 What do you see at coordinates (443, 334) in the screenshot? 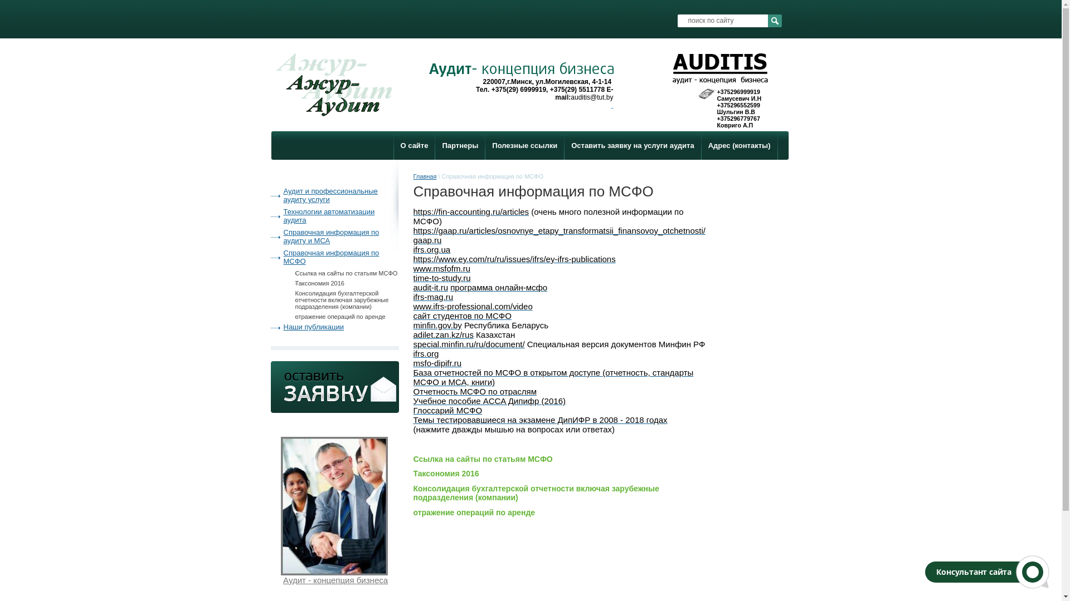
I see `'adilet.zan.kz/rus'` at bounding box center [443, 334].